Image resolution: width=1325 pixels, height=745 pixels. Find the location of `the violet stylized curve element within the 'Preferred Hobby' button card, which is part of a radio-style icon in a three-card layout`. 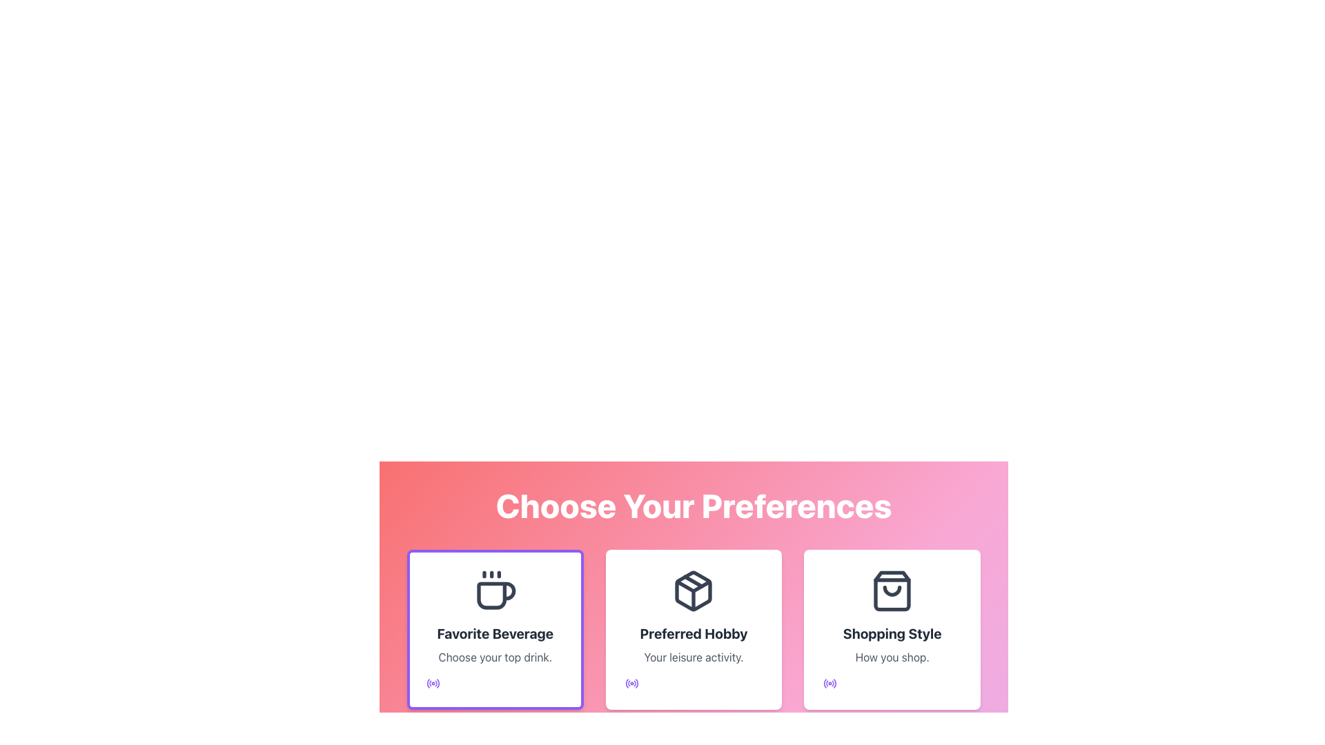

the violet stylized curve element within the 'Preferred Hobby' button card, which is part of a radio-style icon in a three-card layout is located at coordinates (636, 684).